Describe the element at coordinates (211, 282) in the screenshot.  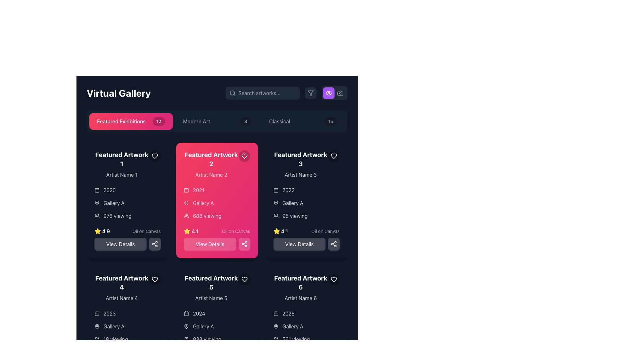
I see `the 'Featured Artwork 5' text label for accessibility by moving the cursor to its center point` at that location.